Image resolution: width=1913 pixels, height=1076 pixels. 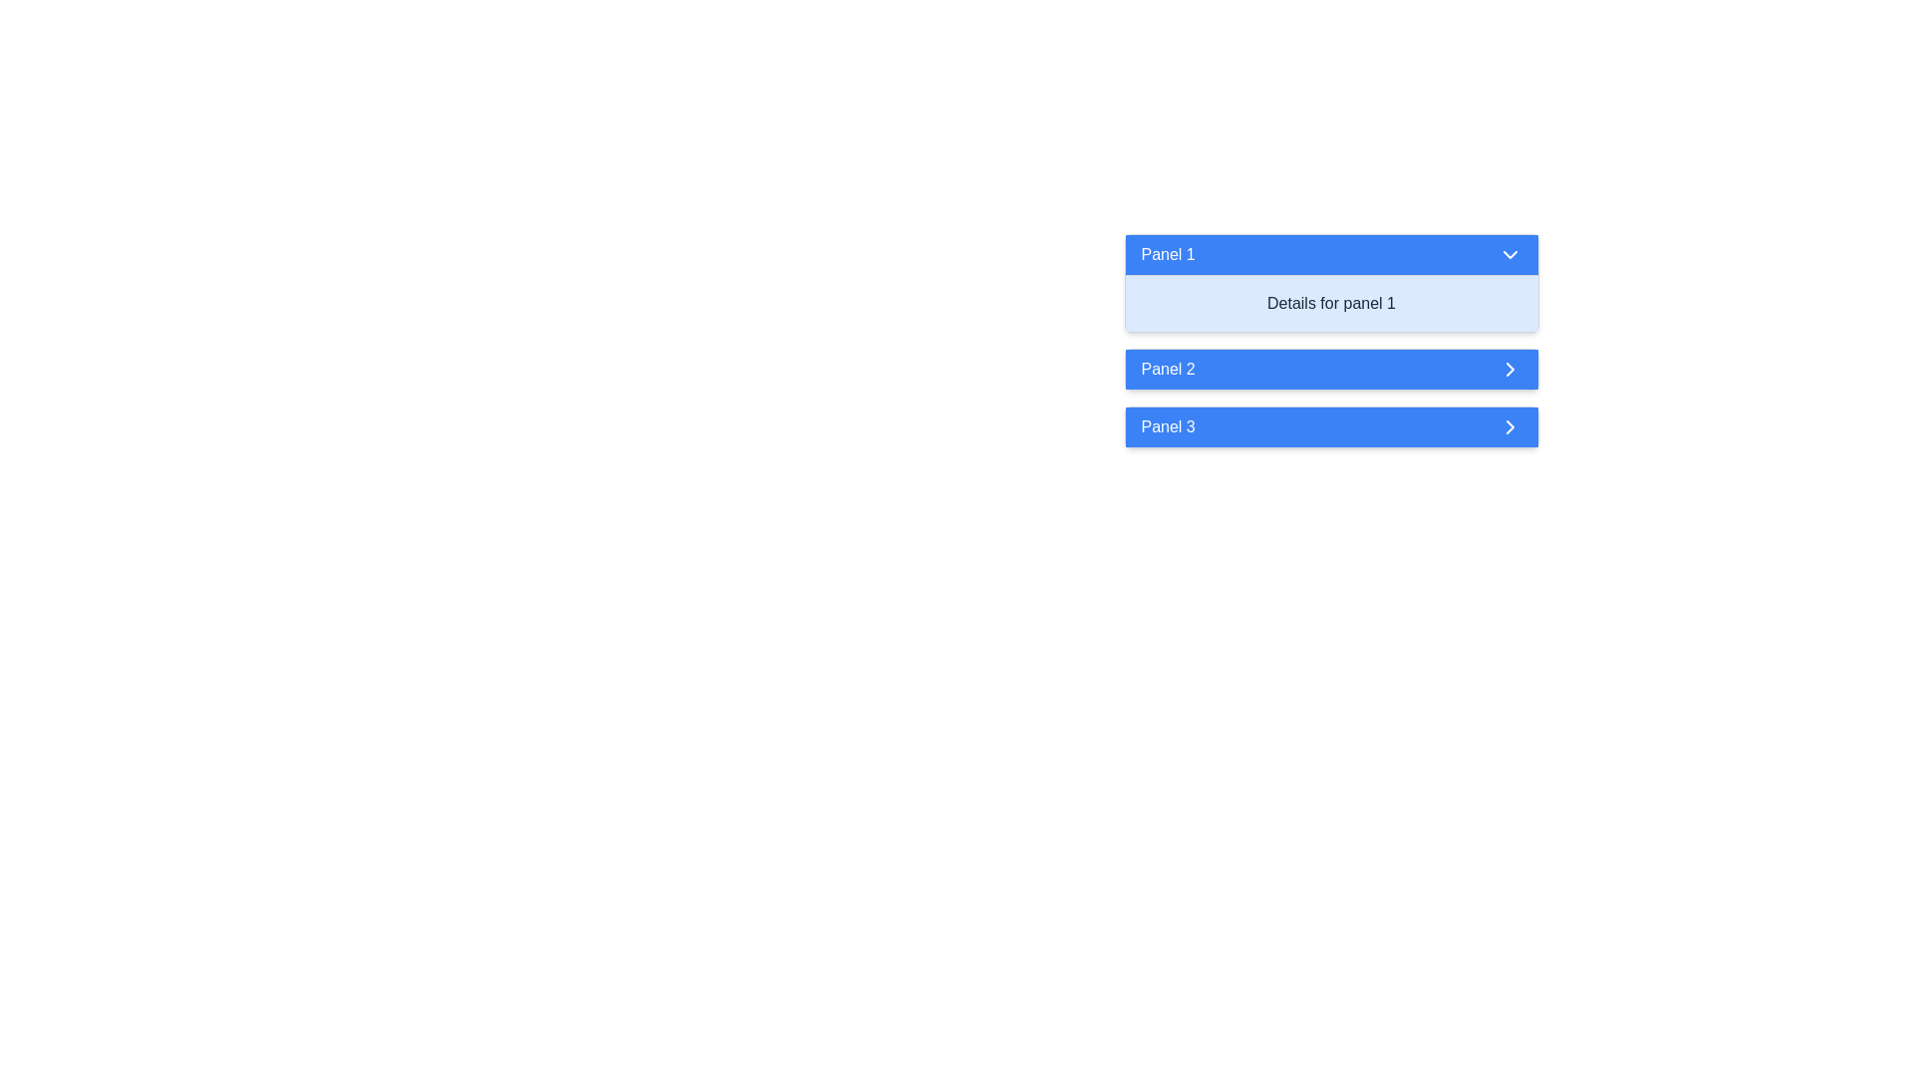 I want to click on the arrow icon located on the right side of the 'Panel 3' interactive button, so click(x=1509, y=425).